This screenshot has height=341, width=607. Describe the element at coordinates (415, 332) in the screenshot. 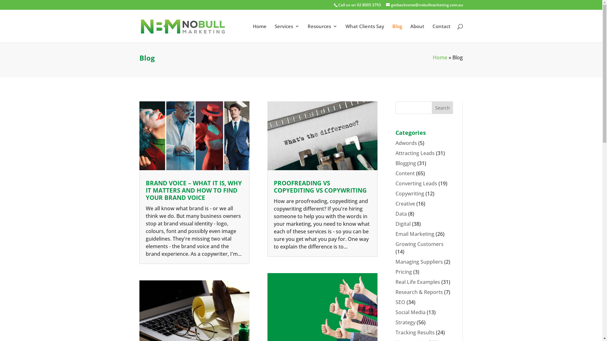

I see `'Tracking Results'` at that location.